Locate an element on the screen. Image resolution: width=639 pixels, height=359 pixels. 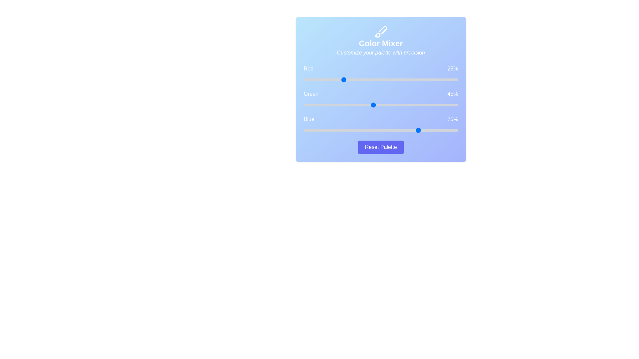
the 'Red' label to interact with it is located at coordinates (308, 69).